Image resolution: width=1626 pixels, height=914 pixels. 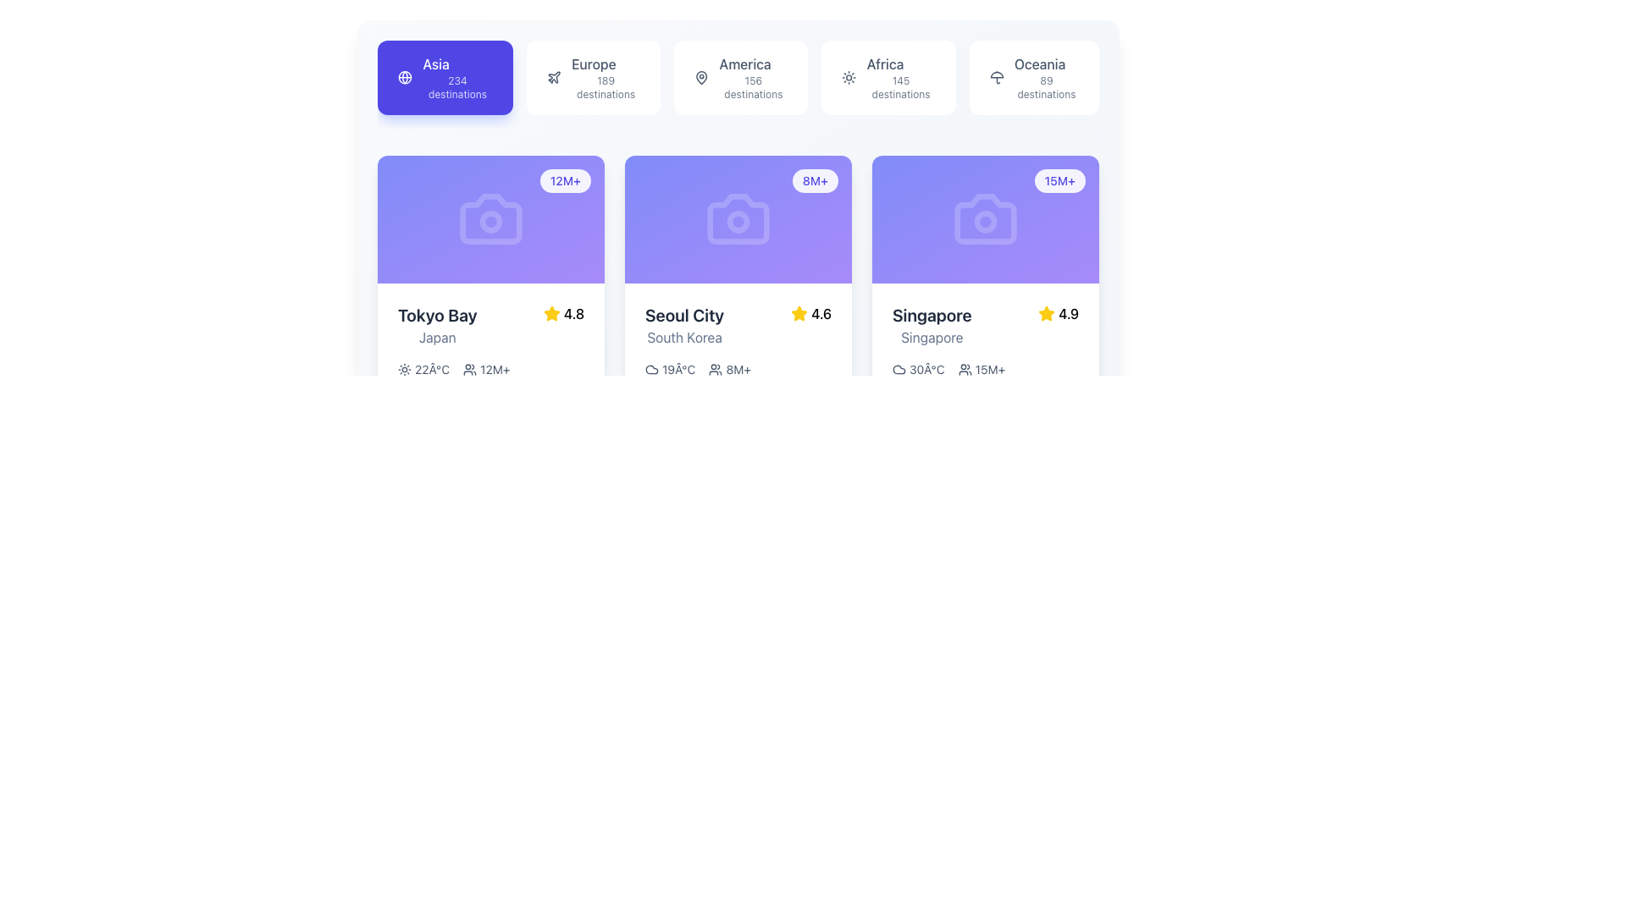 What do you see at coordinates (423, 368) in the screenshot?
I see `the Static Text with Icon displaying the temperature '22°C' next to the sun icon in the first 'Tokyo Bay' card` at bounding box center [423, 368].